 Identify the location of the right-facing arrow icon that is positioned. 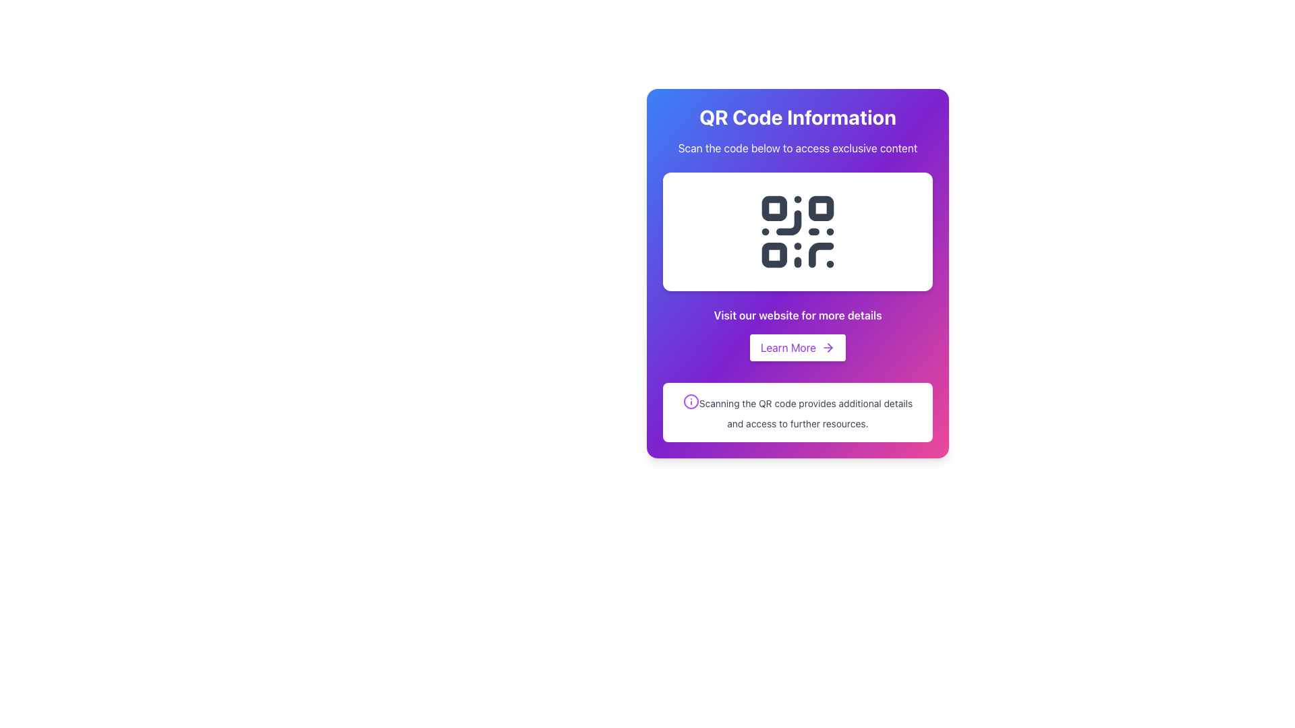
(828, 347).